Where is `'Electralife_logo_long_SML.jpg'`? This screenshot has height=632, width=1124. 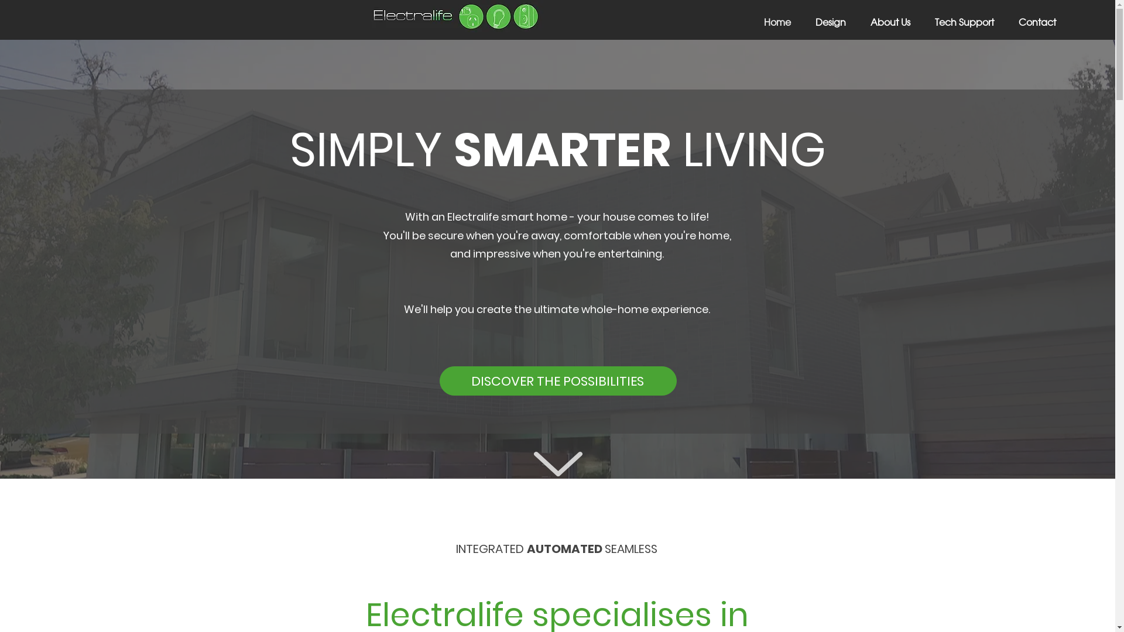
'Electralife_logo_long_SML.jpg' is located at coordinates (455, 16).